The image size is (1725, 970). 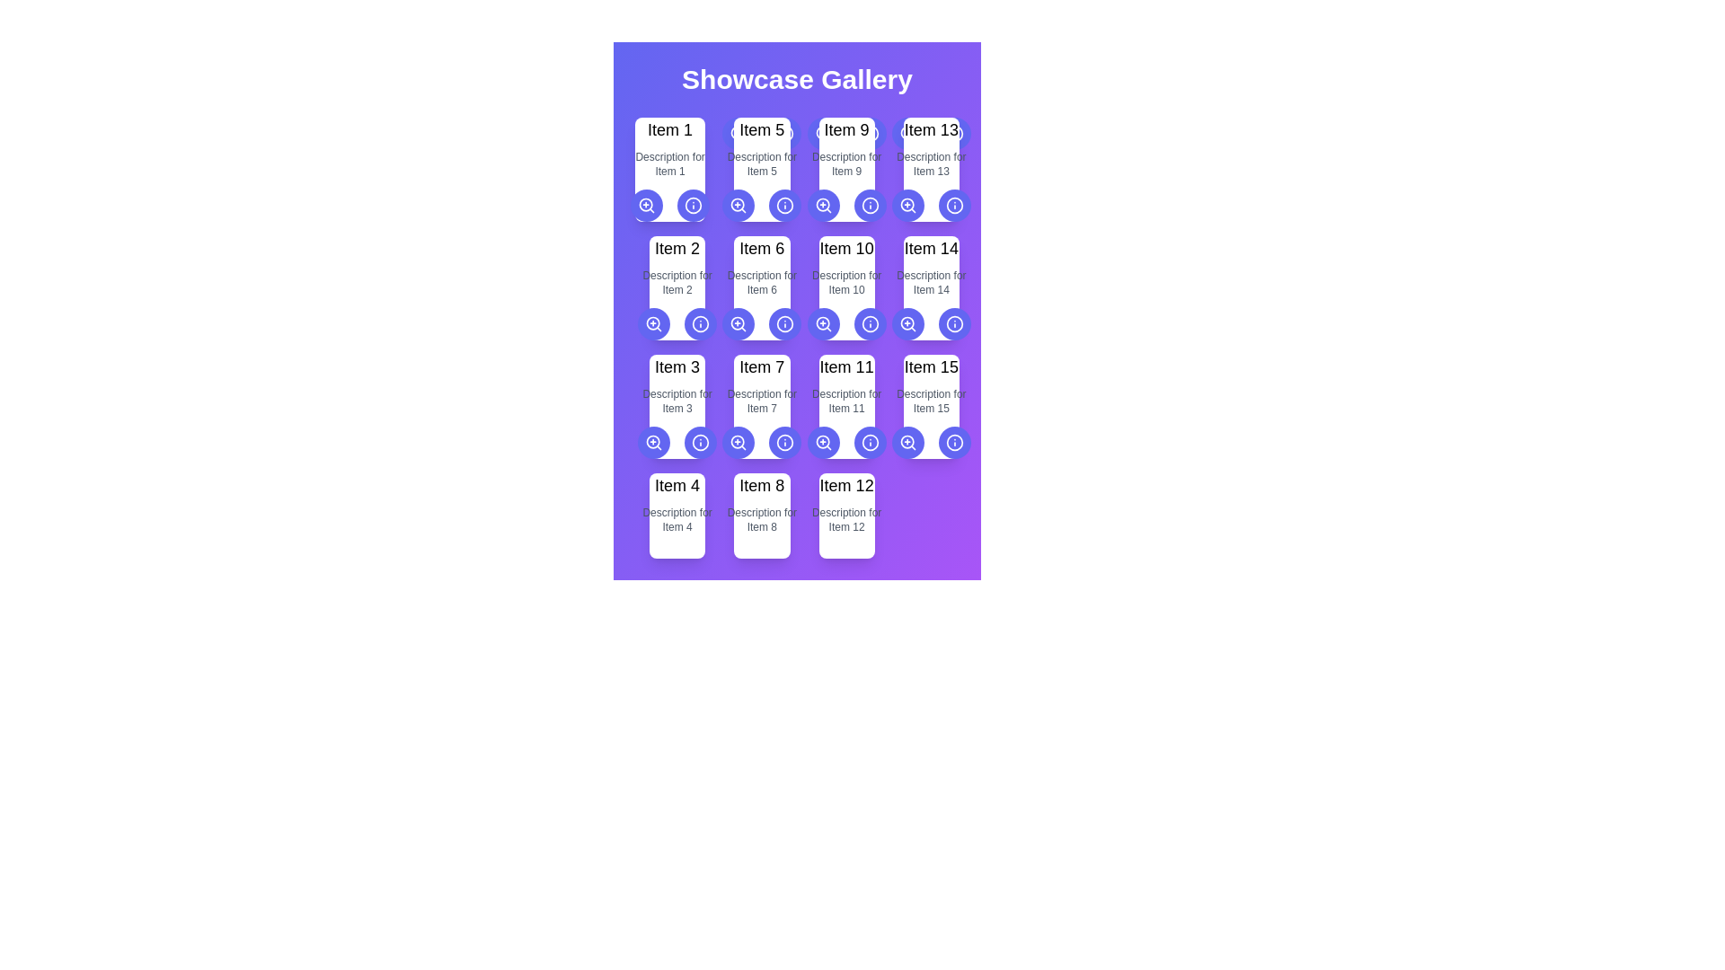 I want to click on the individual item in the Showcase Gallery, specifically the third item in the second row of the grid layout, so click(x=796, y=338).